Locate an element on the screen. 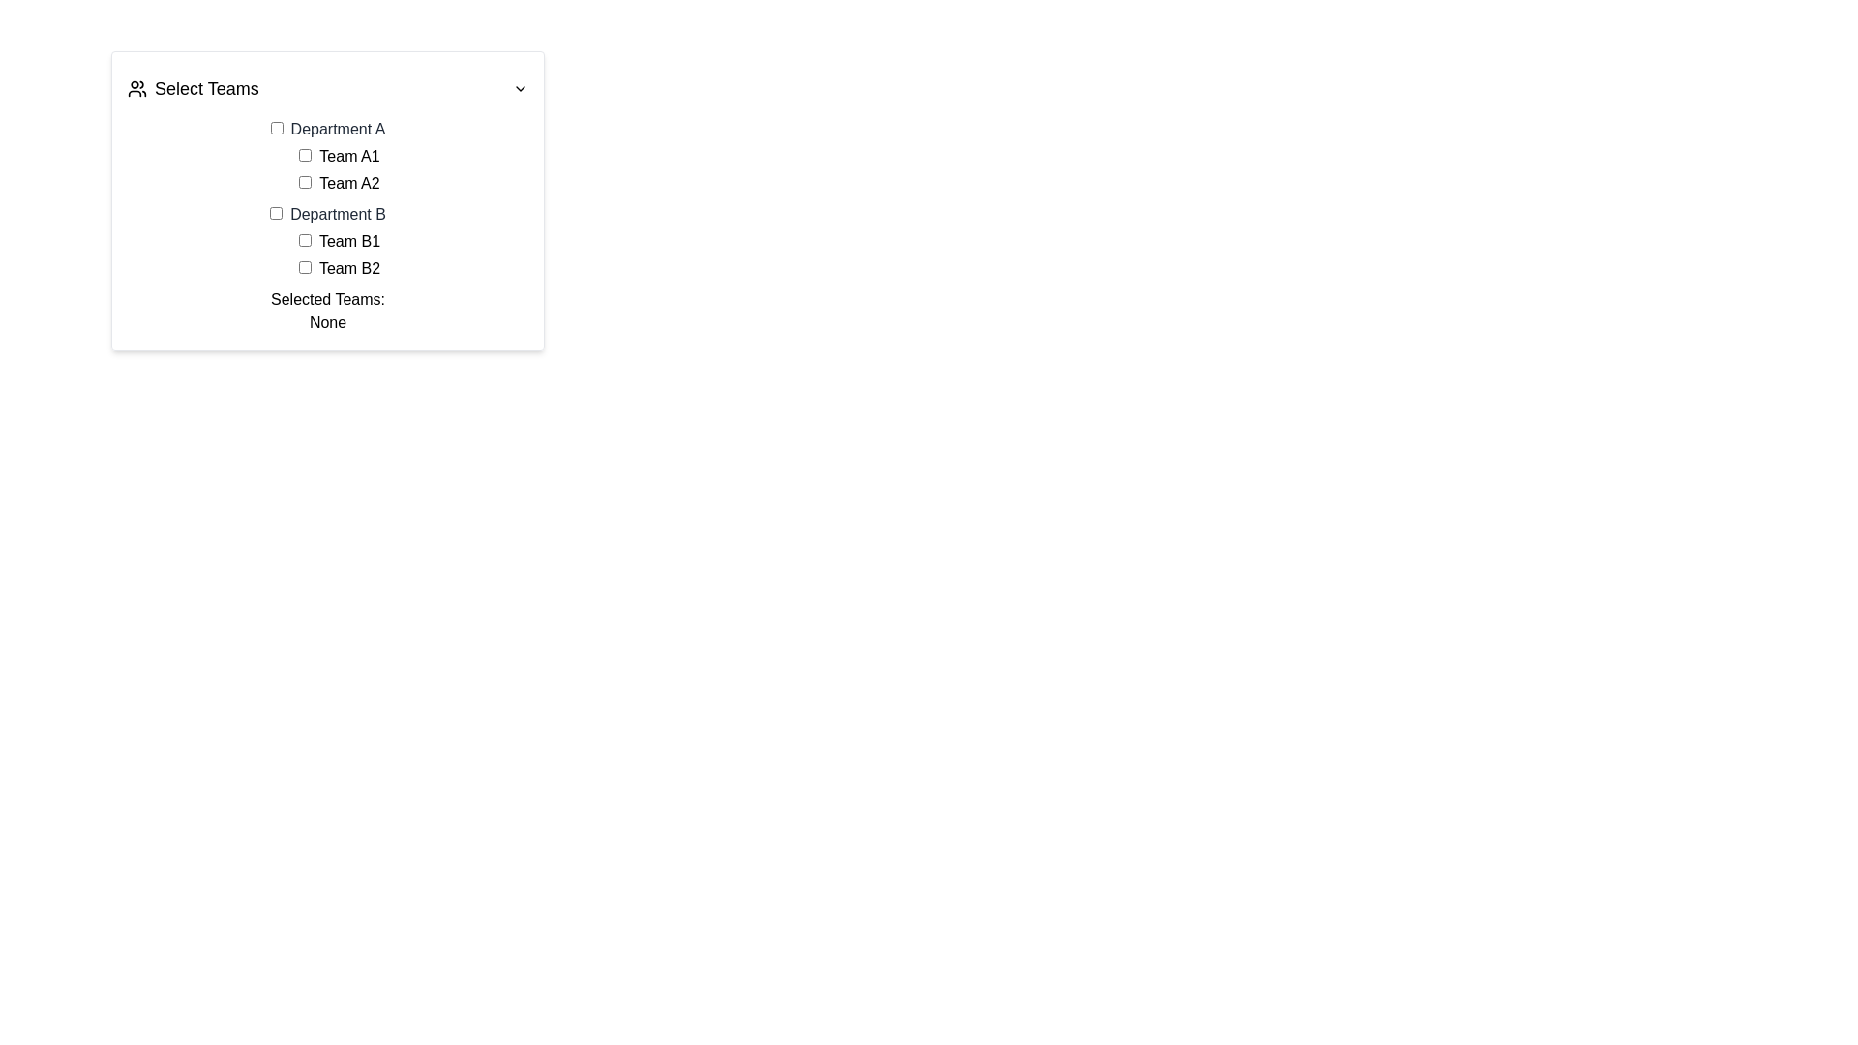 The image size is (1858, 1045). the Chevron icon located in the header of the 'Select Teams' dropdown menu is located at coordinates (520, 89).